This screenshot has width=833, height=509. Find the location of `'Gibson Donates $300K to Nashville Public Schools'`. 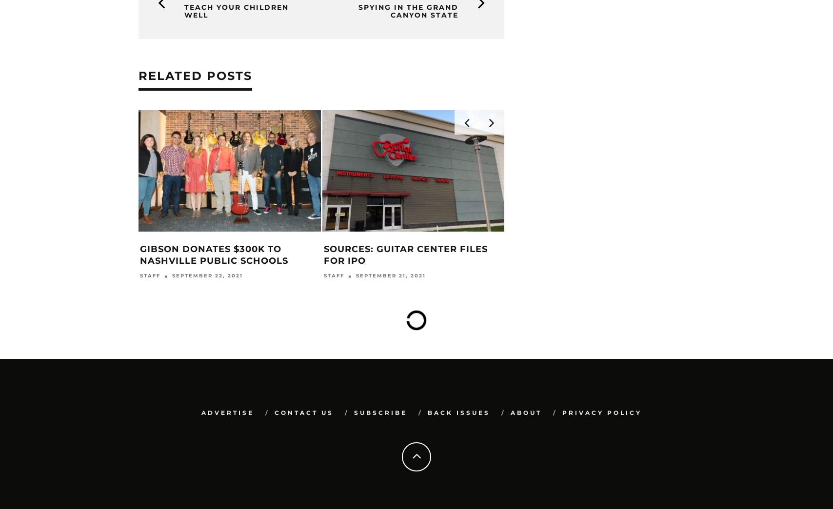

'Gibson Donates $300K to Nashville Public Schools' is located at coordinates (214, 254).